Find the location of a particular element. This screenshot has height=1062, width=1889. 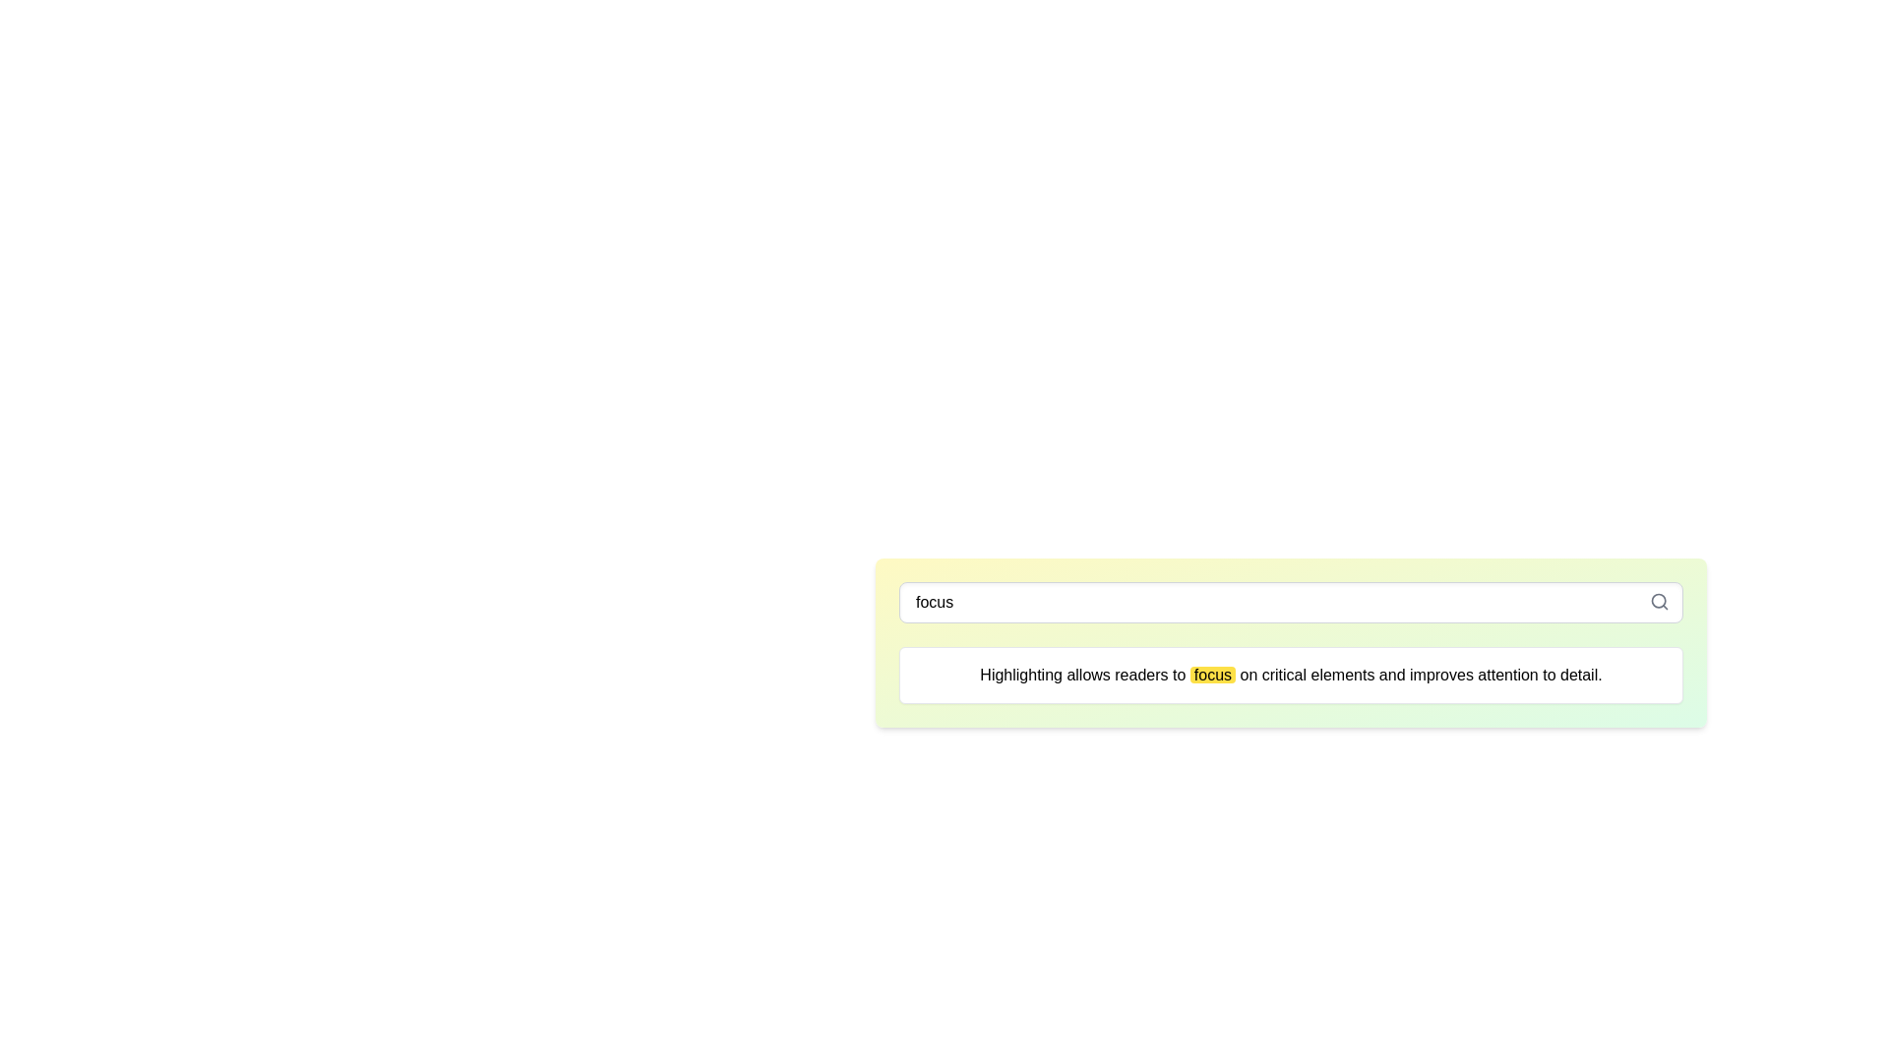

the highlighted word 'focus' which is styled with a bright yellow background and black text, located within the sentence that emphasizes critical elements is located at coordinates (1211, 674).